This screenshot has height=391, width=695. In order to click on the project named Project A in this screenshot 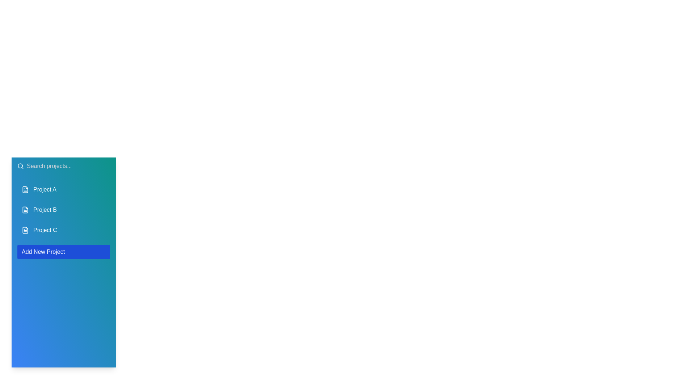, I will do `click(64, 189)`.